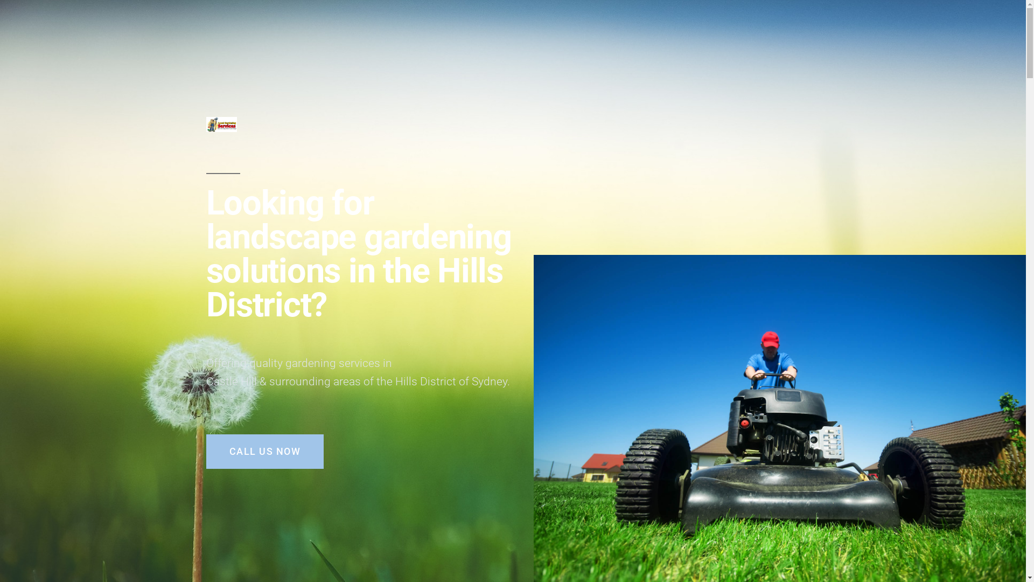 The width and height of the screenshot is (1034, 582). I want to click on 'CALL US NOW', so click(264, 451).